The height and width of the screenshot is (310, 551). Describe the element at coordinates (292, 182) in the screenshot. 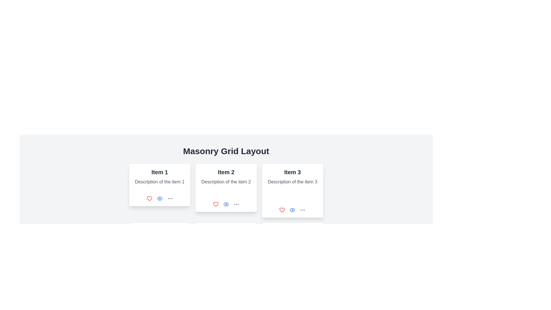

I see `the text block providing additional information about 'Item 3' located in the third card from the left in the masonry grid layout` at that location.